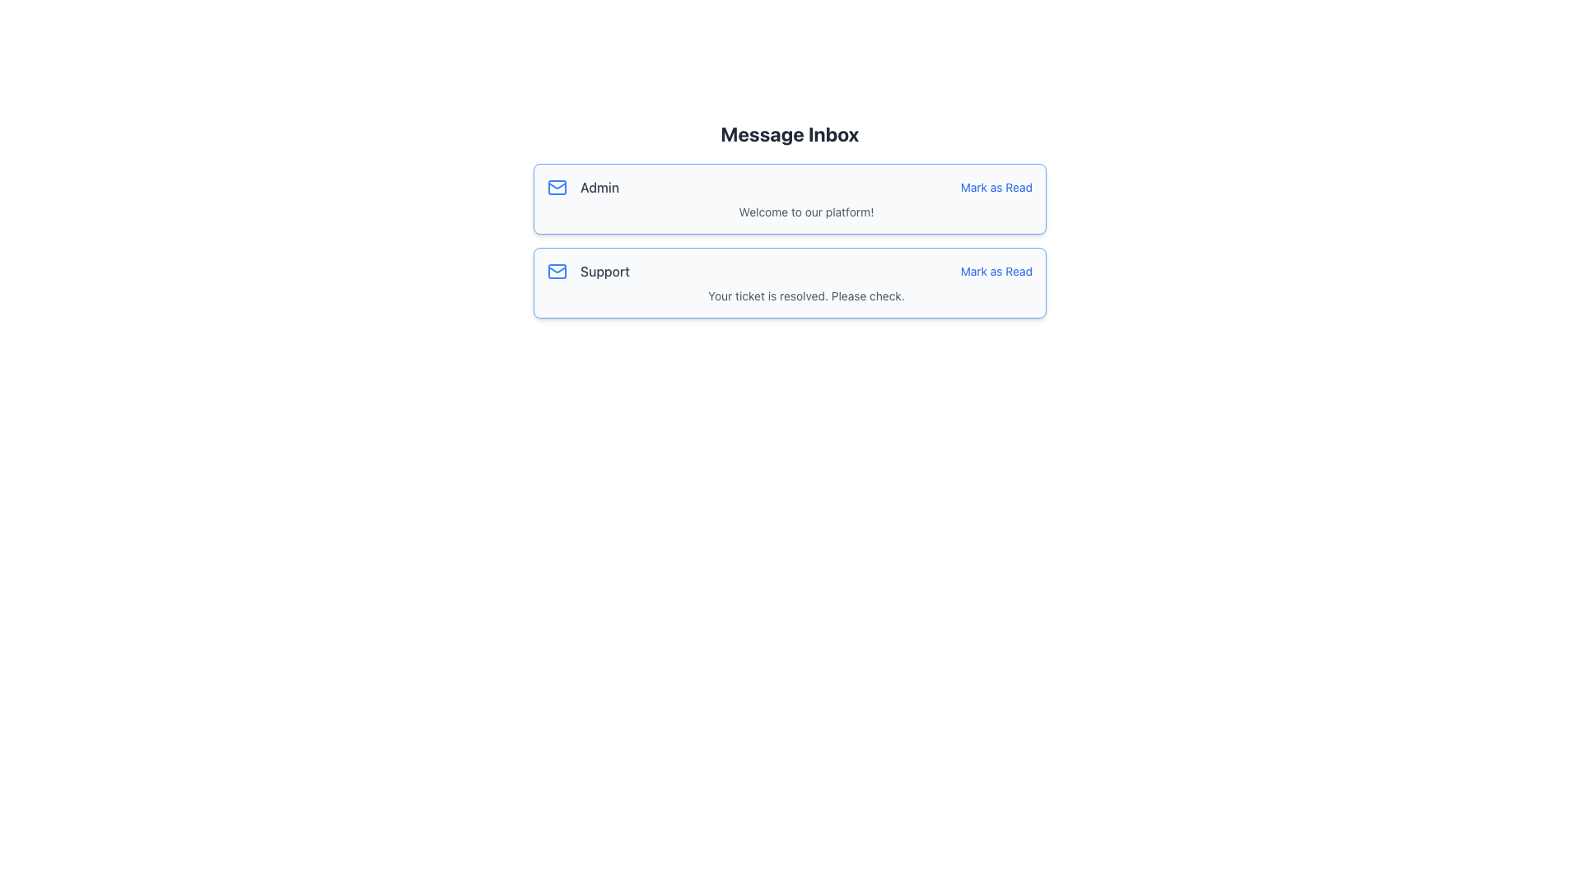 This screenshot has width=1581, height=889. I want to click on the welcoming message text displayed in the first message entry of the inbox under the sender 'Admin', so click(806, 212).